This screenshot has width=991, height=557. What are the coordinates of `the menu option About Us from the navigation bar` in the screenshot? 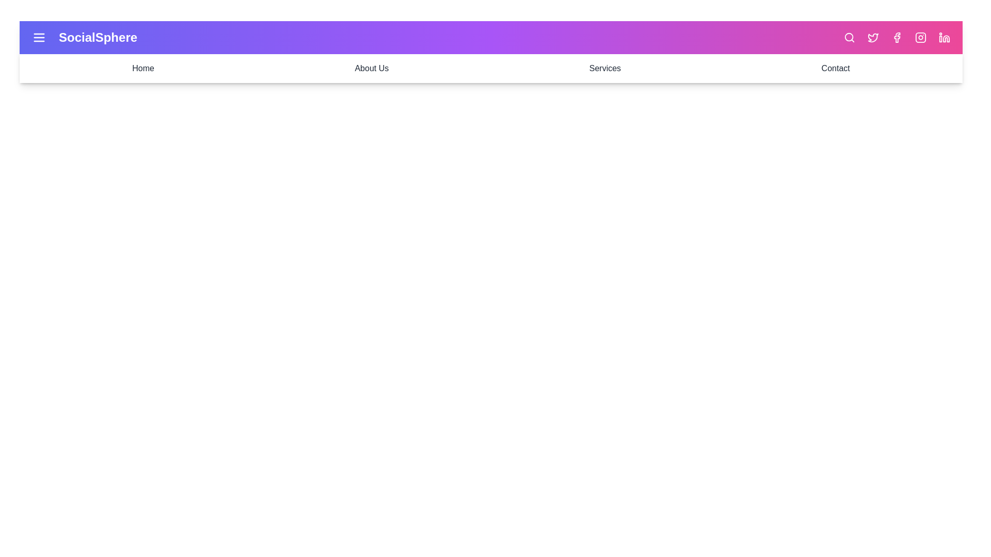 It's located at (372, 68).